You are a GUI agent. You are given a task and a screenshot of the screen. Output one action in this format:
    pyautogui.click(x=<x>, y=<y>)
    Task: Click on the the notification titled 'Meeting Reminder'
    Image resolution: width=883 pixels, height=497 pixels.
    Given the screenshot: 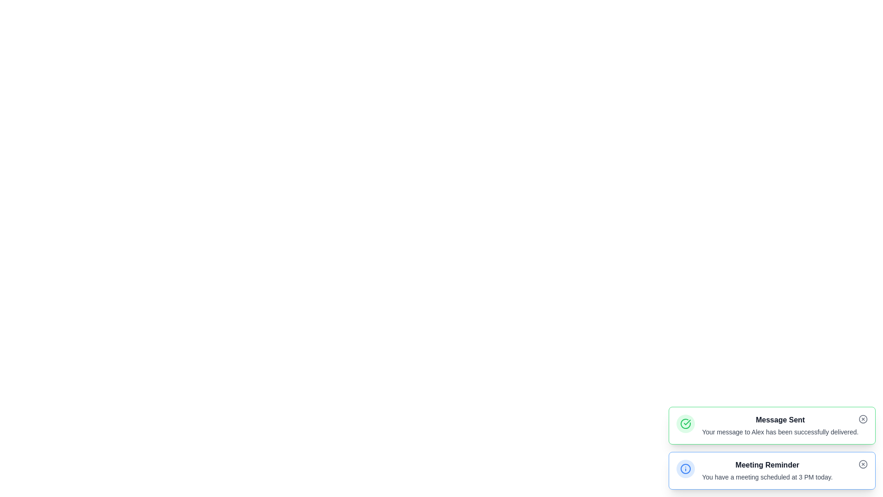 What is the action you would take?
    pyautogui.click(x=767, y=465)
    